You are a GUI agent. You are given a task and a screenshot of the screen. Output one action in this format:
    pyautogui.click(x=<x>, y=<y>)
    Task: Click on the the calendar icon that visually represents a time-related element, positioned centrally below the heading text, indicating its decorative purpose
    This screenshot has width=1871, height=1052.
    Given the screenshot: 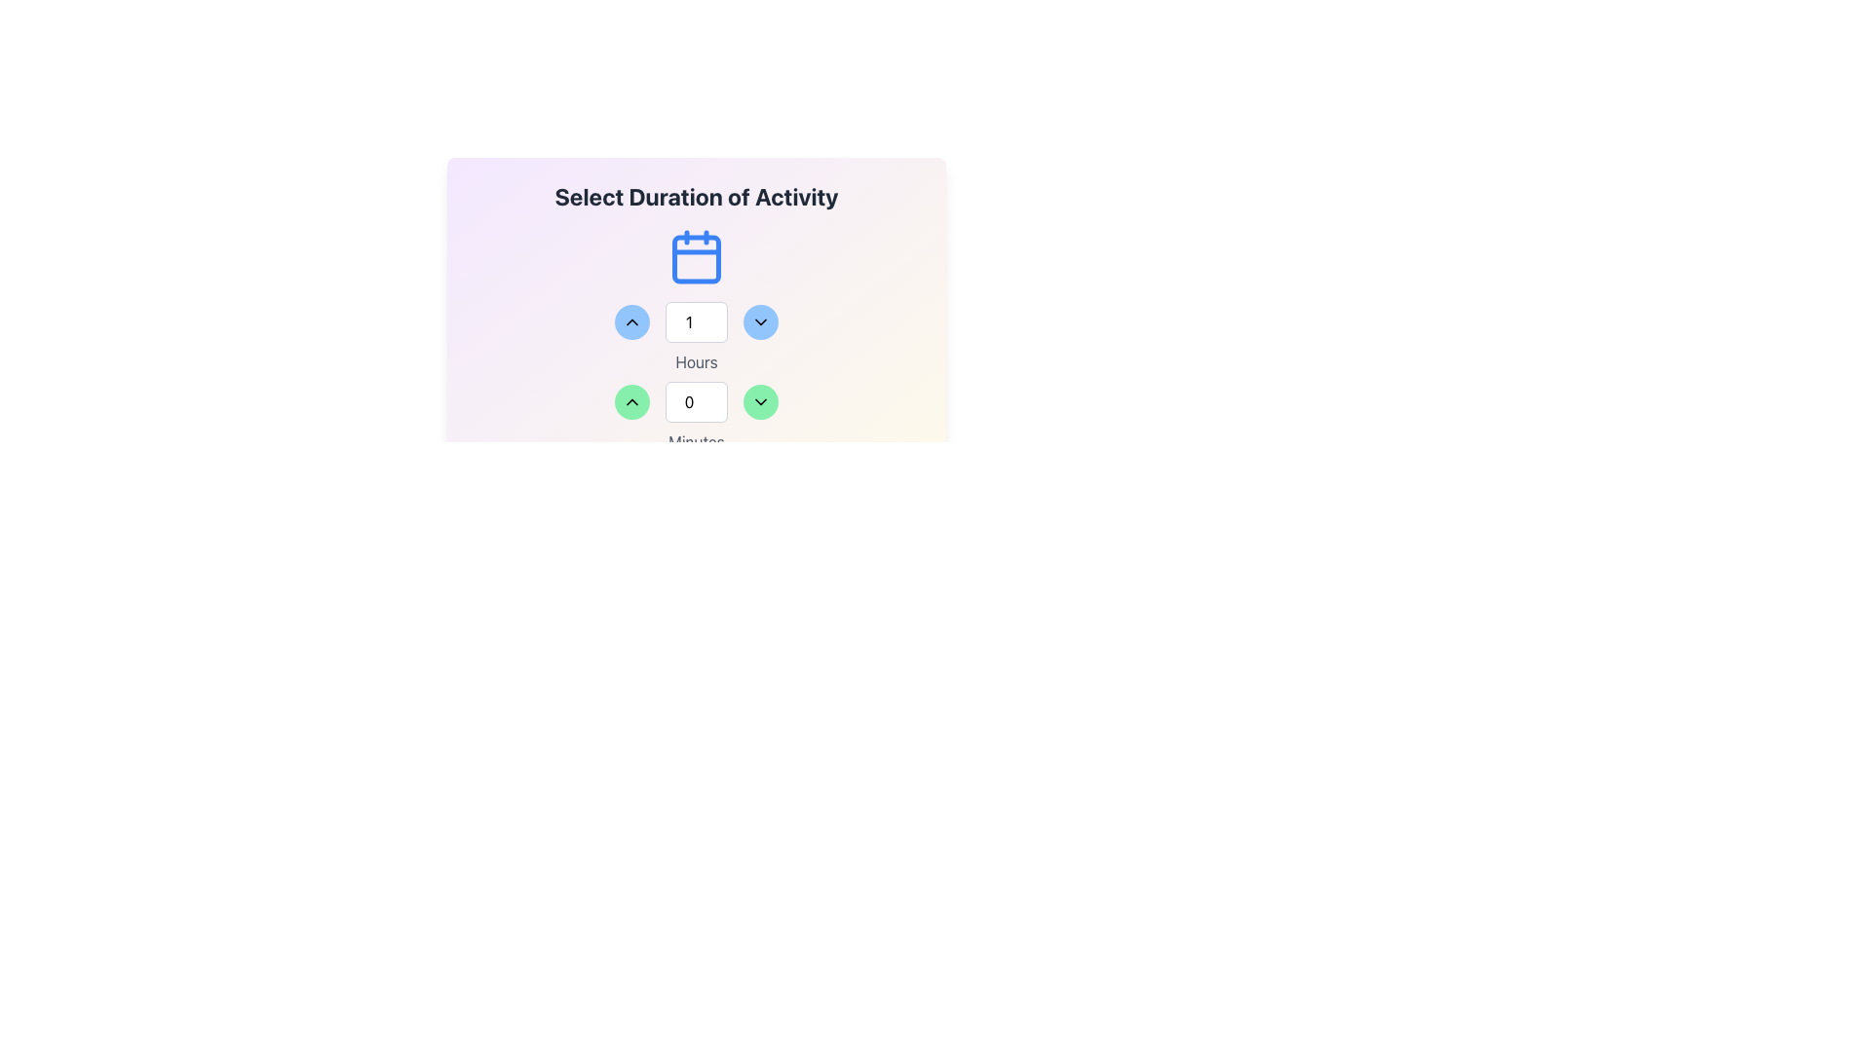 What is the action you would take?
    pyautogui.click(x=697, y=258)
    